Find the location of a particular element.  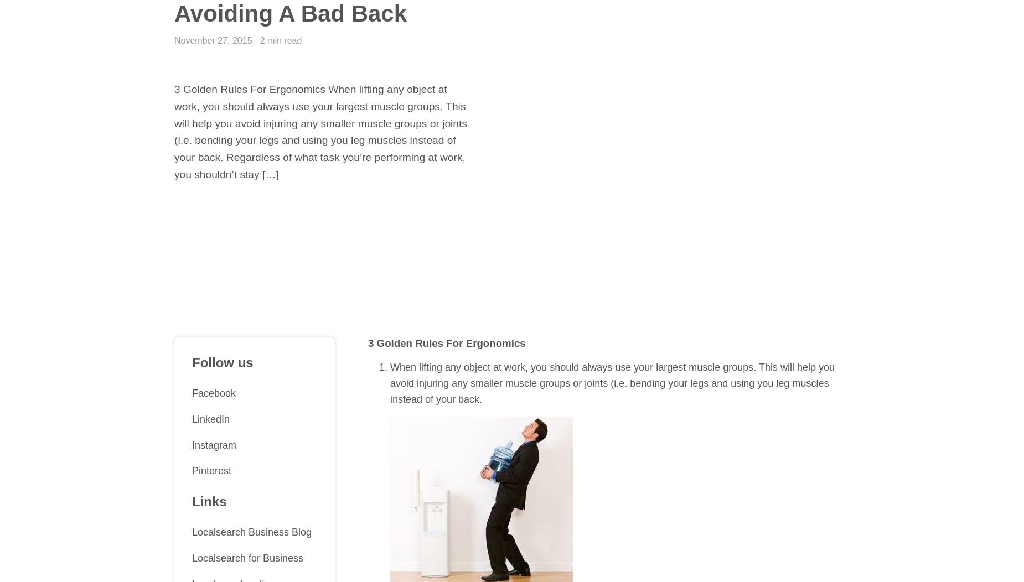

'Localsearch Business Blog' is located at coordinates (251, 531).